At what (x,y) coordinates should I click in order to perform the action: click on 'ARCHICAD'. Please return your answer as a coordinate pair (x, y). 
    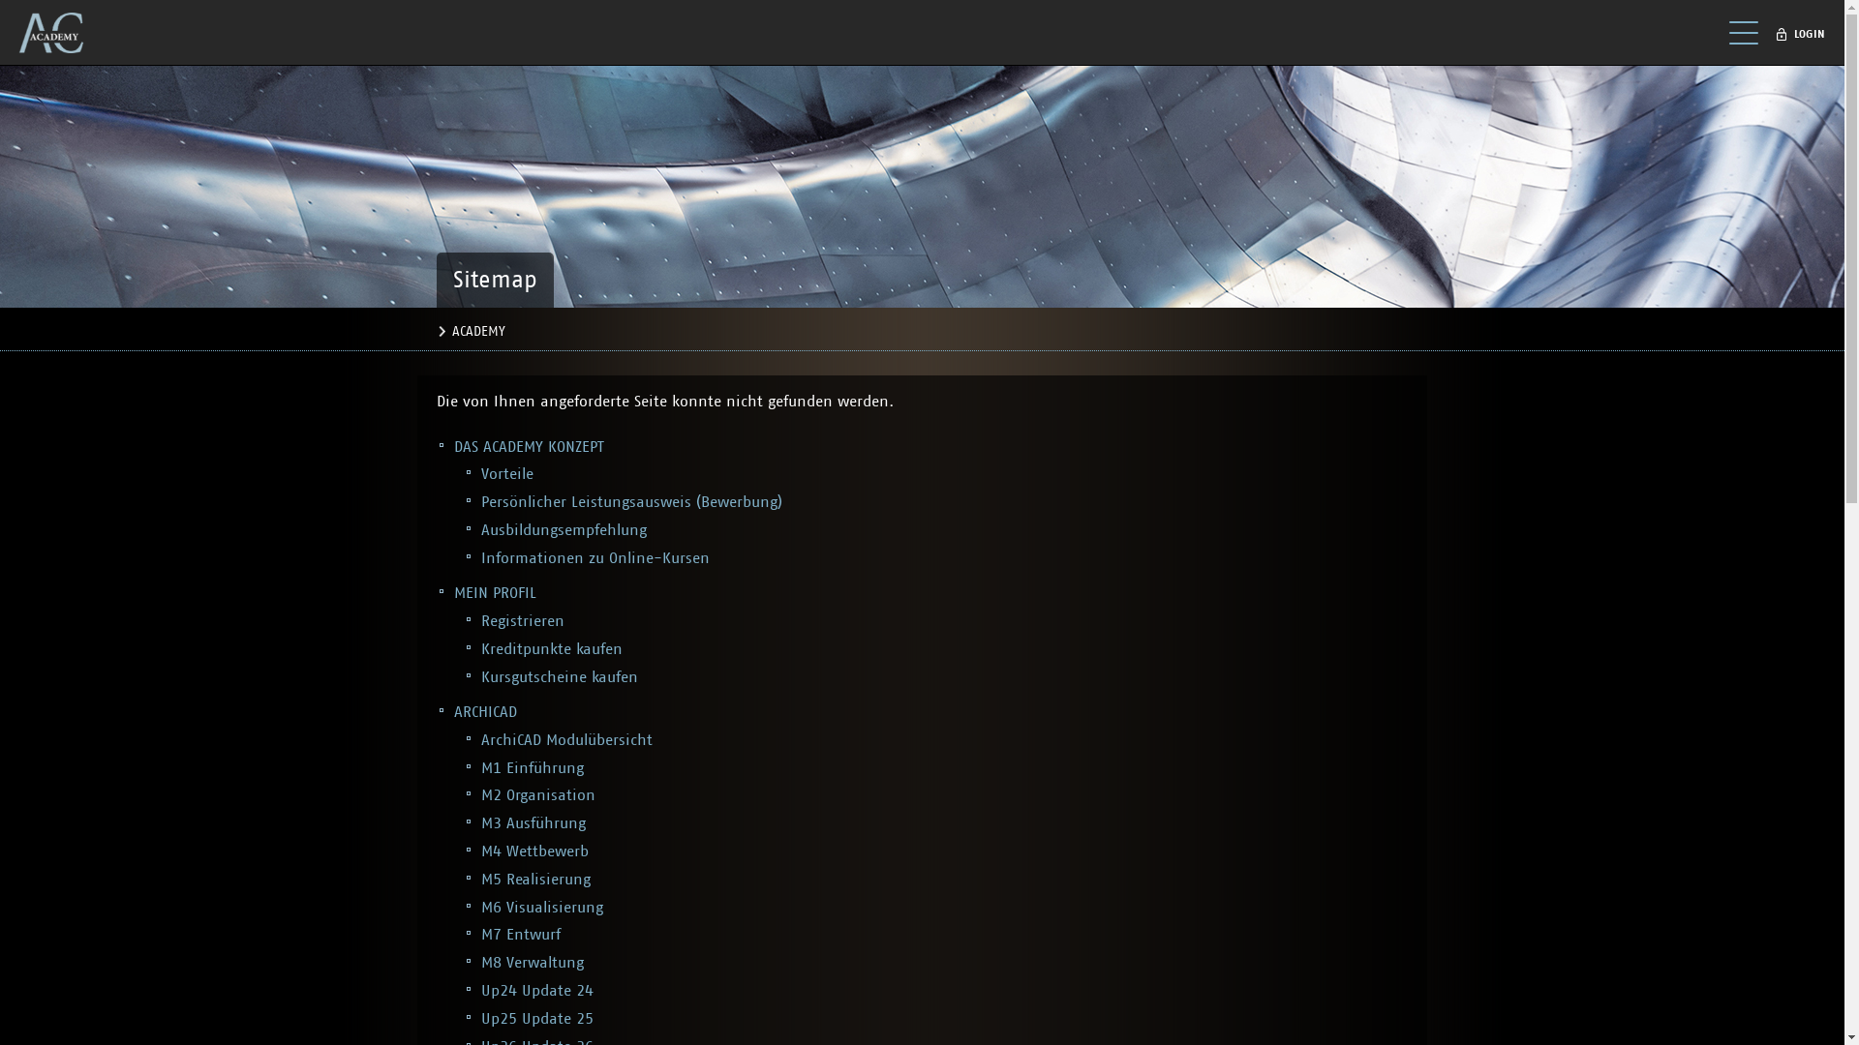
    Looking at the image, I should click on (485, 712).